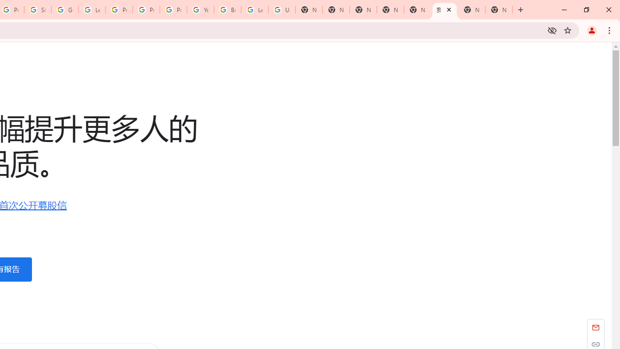 The image size is (620, 349). I want to click on 'Privacy Help Center - Policies Help', so click(146, 10).